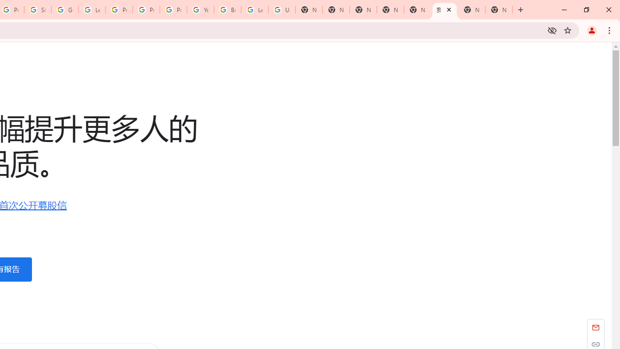 The image size is (620, 349). I want to click on 'Privacy Help Center - Policies Help', so click(146, 10).